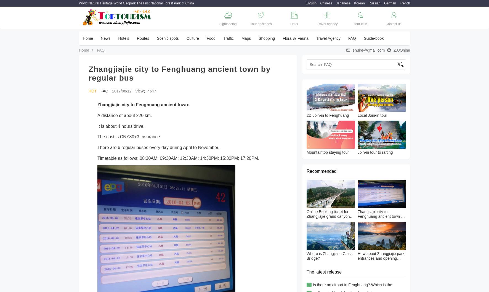 Image resolution: width=489 pixels, height=292 pixels. I want to click on 'Tour packages', so click(250, 24).